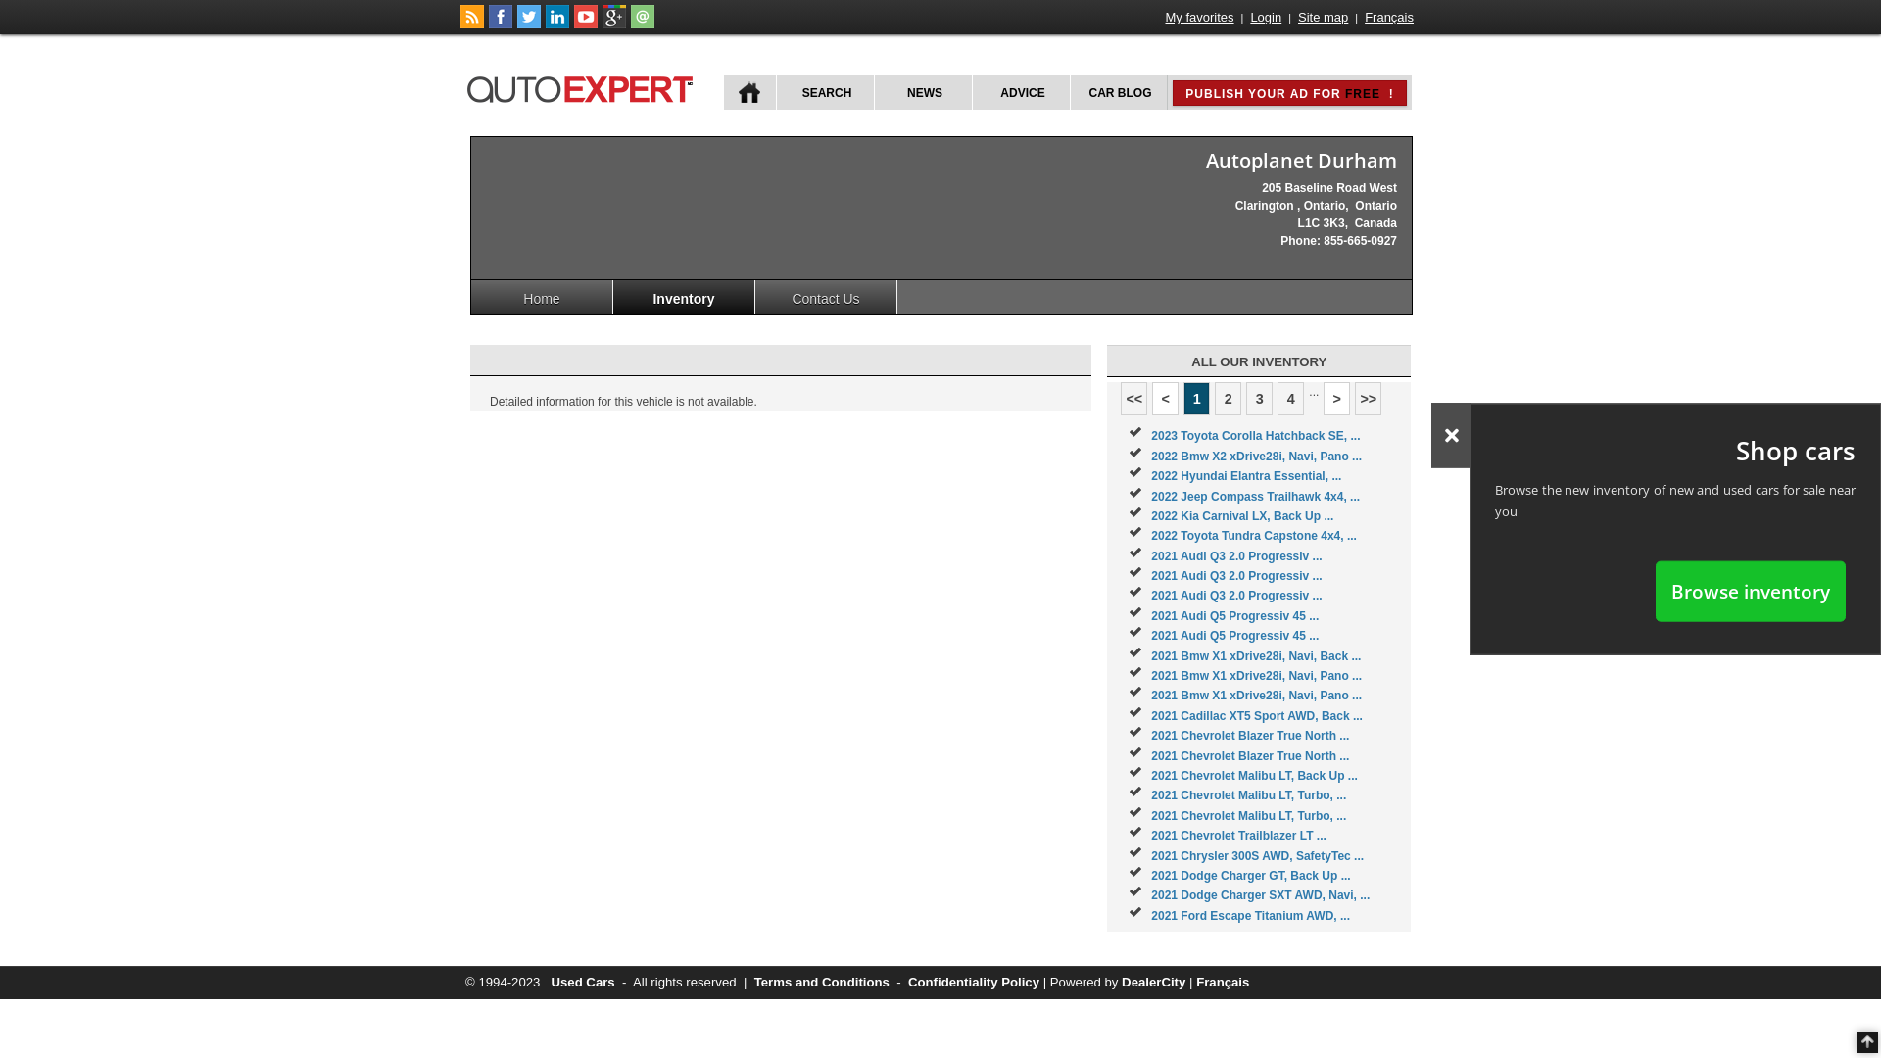 The height and width of the screenshot is (1058, 1881). What do you see at coordinates (1165, 398) in the screenshot?
I see `'<'` at bounding box center [1165, 398].